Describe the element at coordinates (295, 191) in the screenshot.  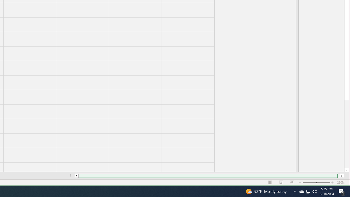
I see `'Notification Chevron'` at that location.